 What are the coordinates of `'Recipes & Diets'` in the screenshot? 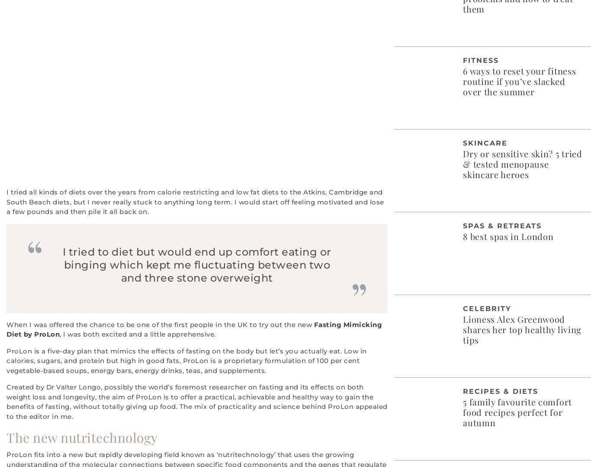 It's located at (501, 391).